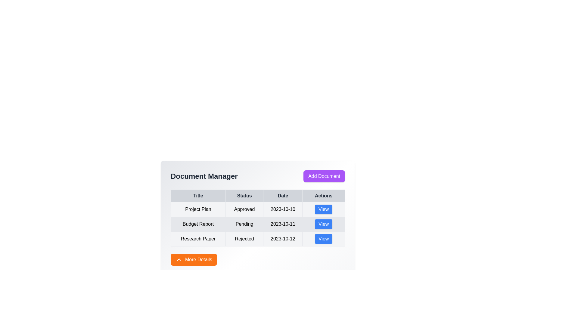 This screenshot has height=325, width=578. Describe the element at coordinates (323, 224) in the screenshot. I see `the 'View' button with white text on a blue background, located in the 'Actions' column of the second row for 'Budget Report' (2023-10-11) to observe hover effects` at that location.